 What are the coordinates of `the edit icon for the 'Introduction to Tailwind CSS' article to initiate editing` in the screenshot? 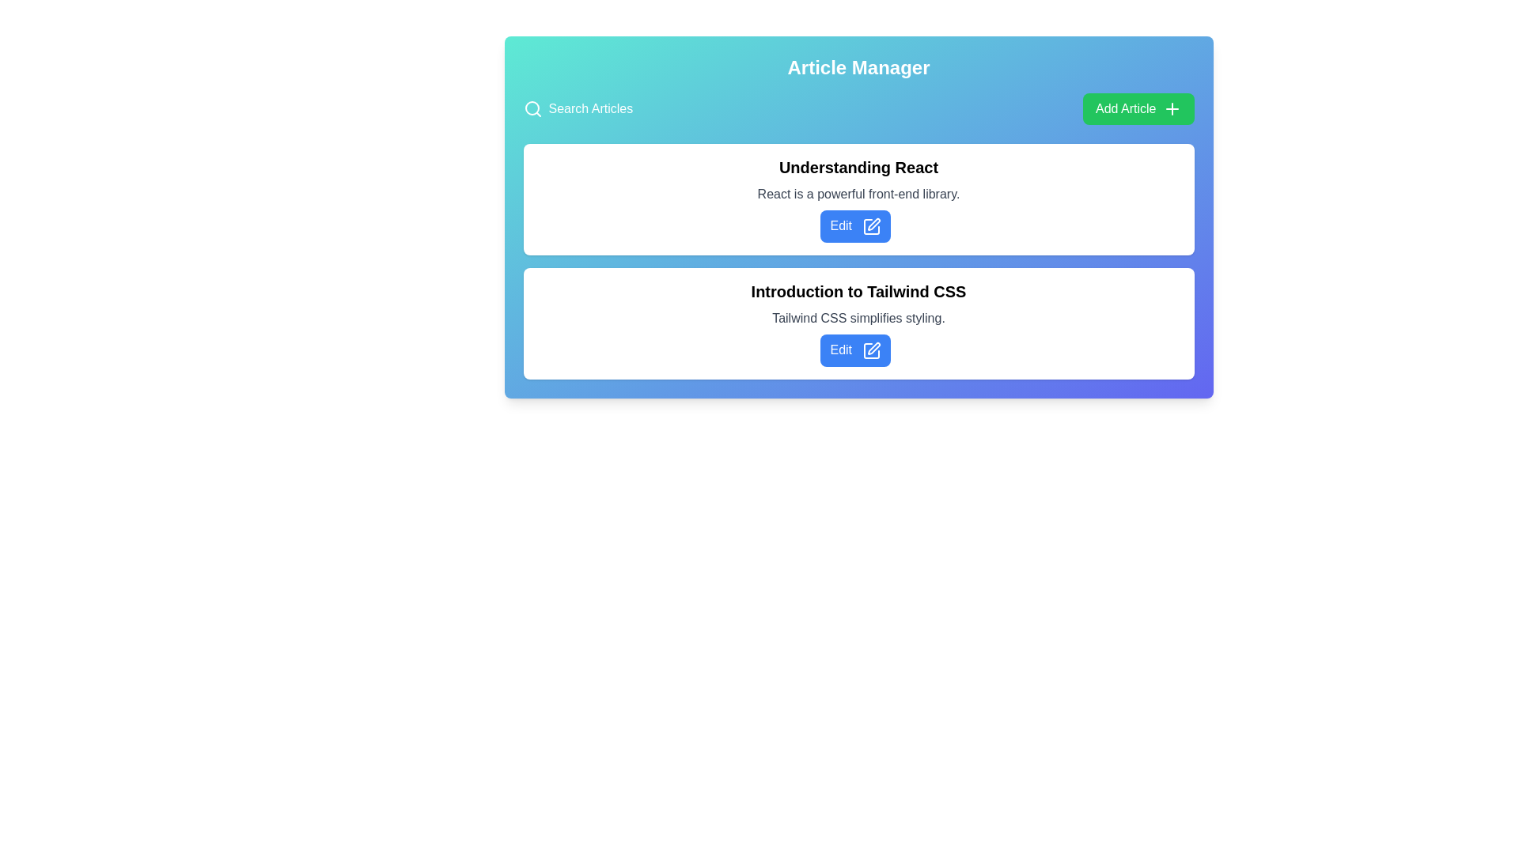 It's located at (873, 346).